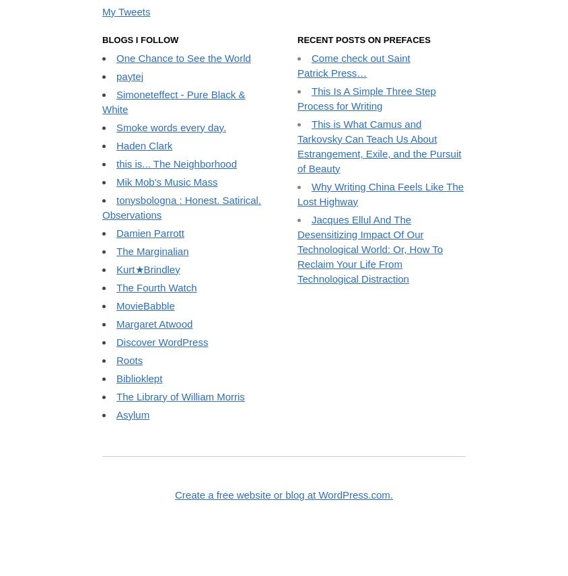  I want to click on 'Simoneteffect - Pure Black & White', so click(173, 211).